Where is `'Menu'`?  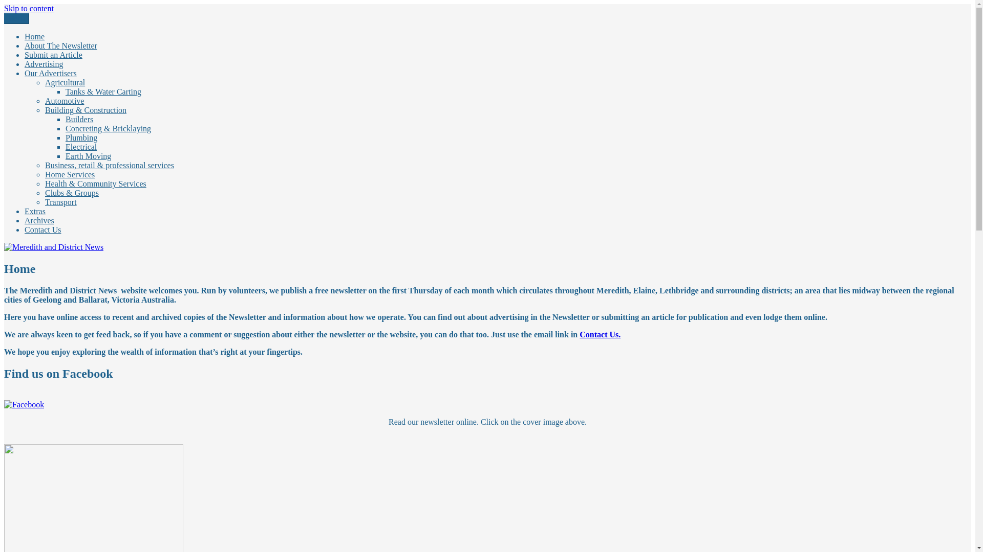
'Menu' is located at coordinates (4, 18).